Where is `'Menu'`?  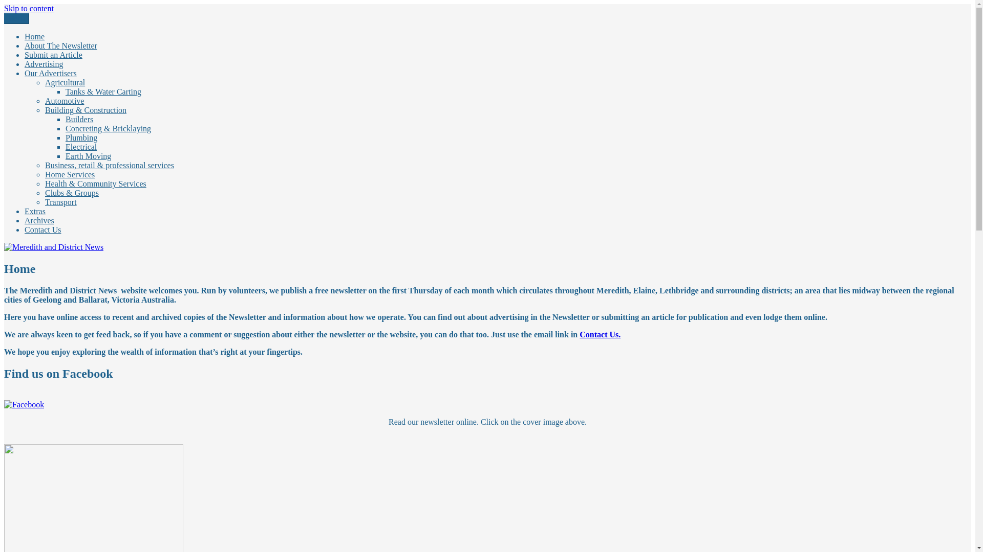
'Menu' is located at coordinates (4, 18).